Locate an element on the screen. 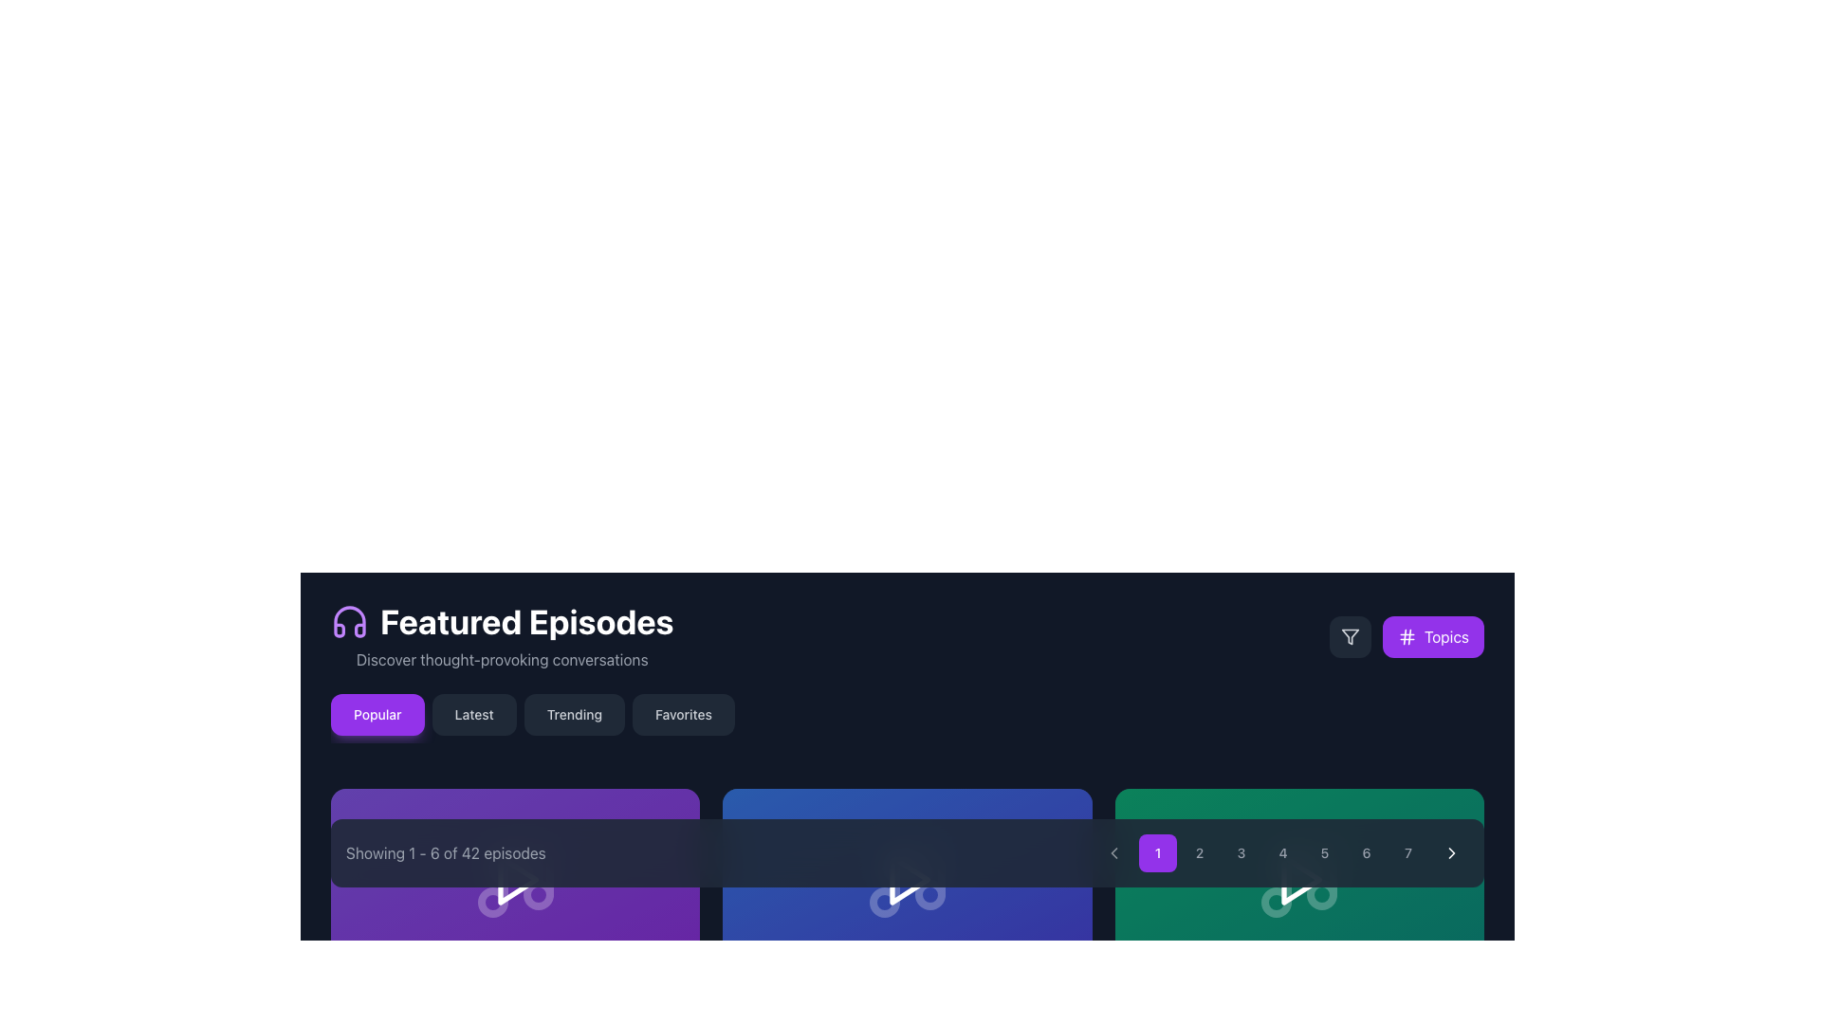 The width and height of the screenshot is (1821, 1024). the middle circular graphical component with no visible fill or stroke, located towards the right side of the interface among sibling elements is located at coordinates (1277, 902).